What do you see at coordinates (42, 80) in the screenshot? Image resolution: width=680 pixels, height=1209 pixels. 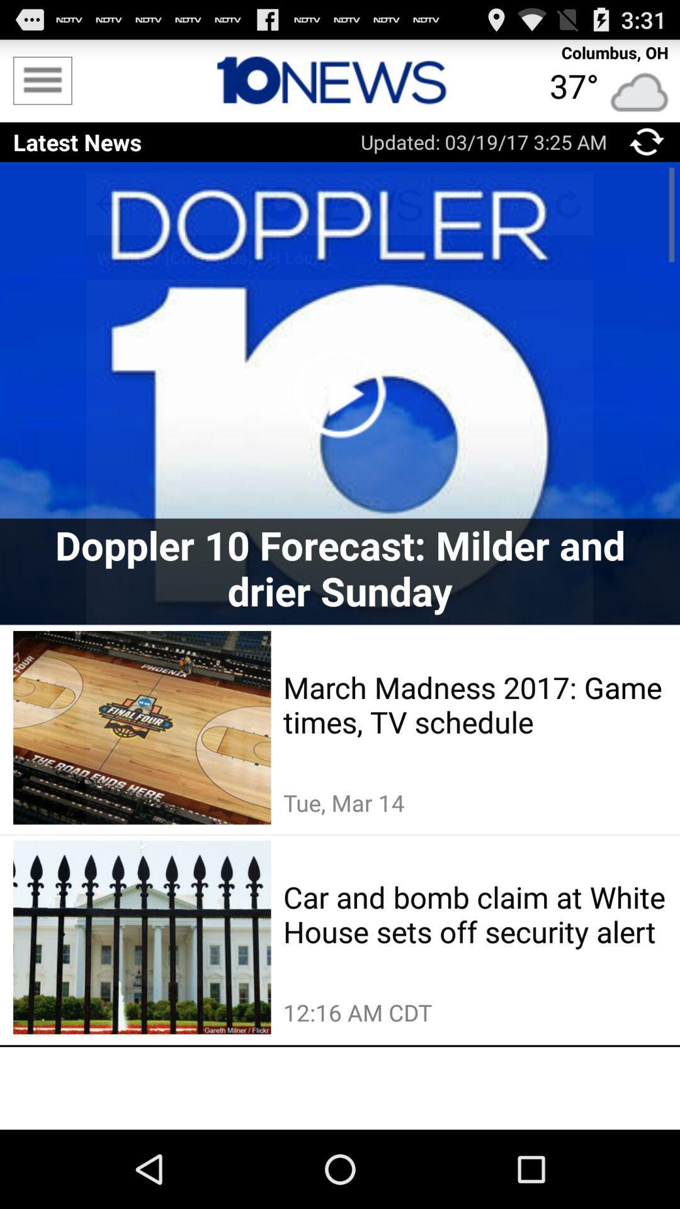 I see `item above the latest news icon` at bounding box center [42, 80].